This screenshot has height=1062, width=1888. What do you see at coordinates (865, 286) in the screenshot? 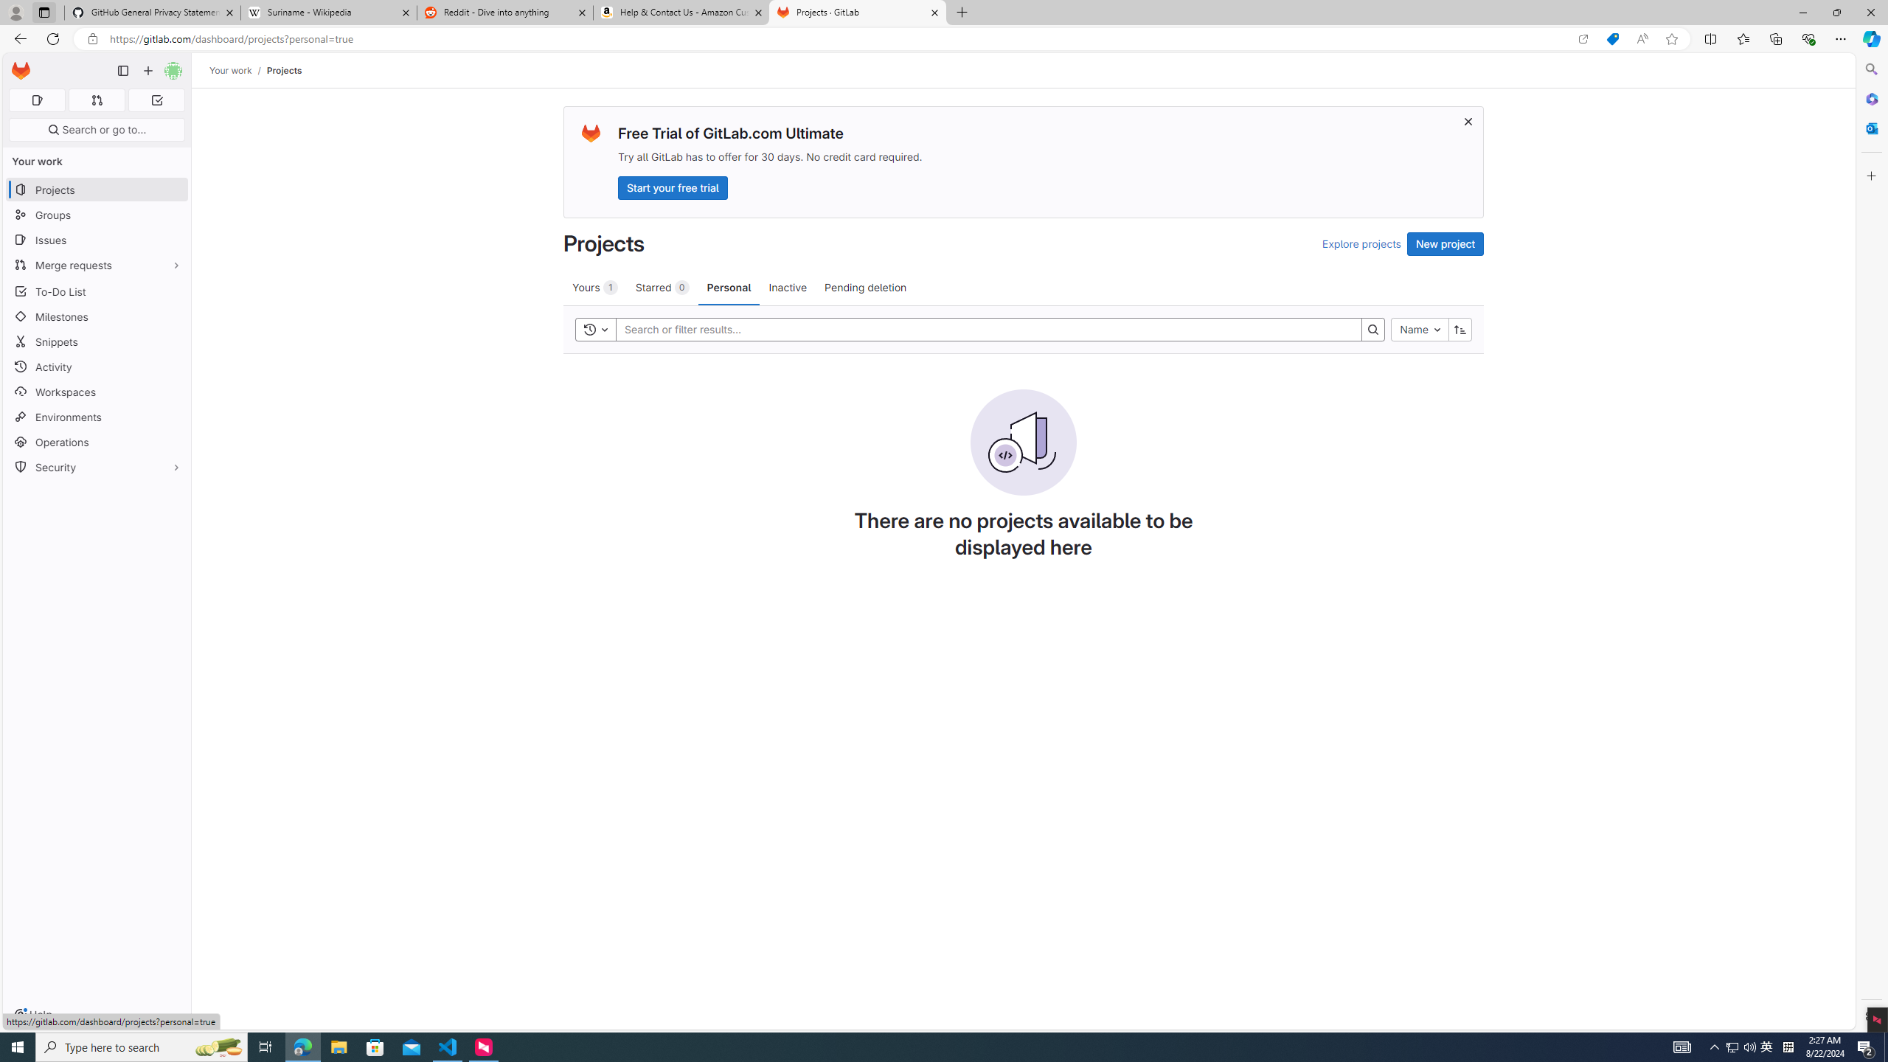
I see `'Pending deletion'` at bounding box center [865, 286].